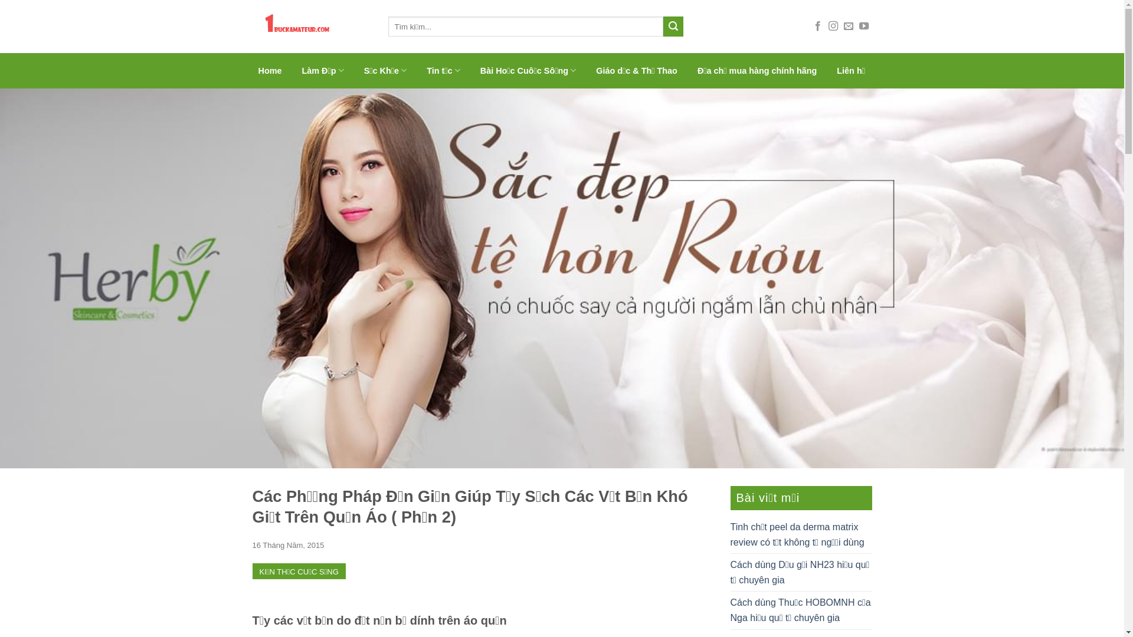  What do you see at coordinates (269, 70) in the screenshot?
I see `'Home'` at bounding box center [269, 70].